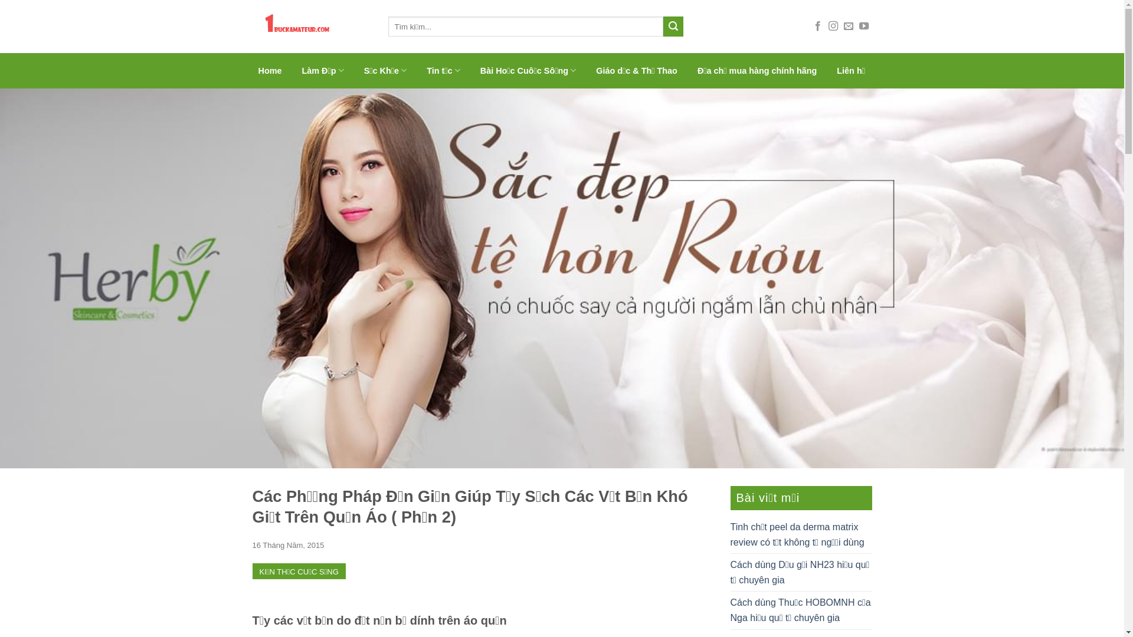  What do you see at coordinates (269, 70) in the screenshot?
I see `'Home'` at bounding box center [269, 70].